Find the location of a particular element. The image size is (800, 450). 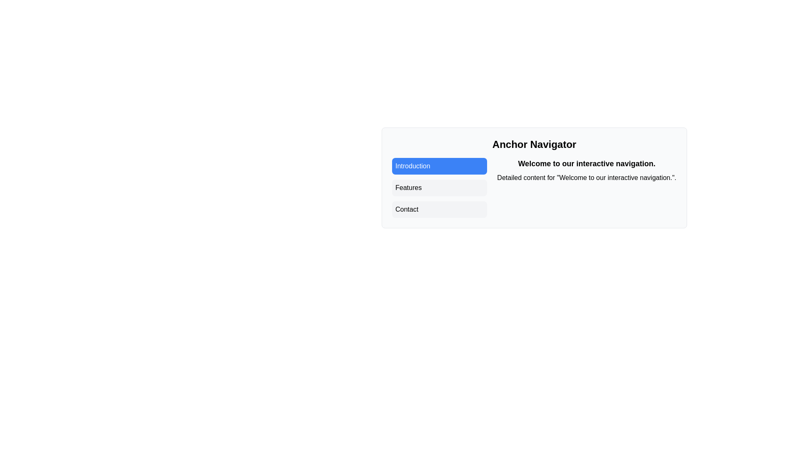

the 'Introduction' button using tab navigation is located at coordinates (439, 166).